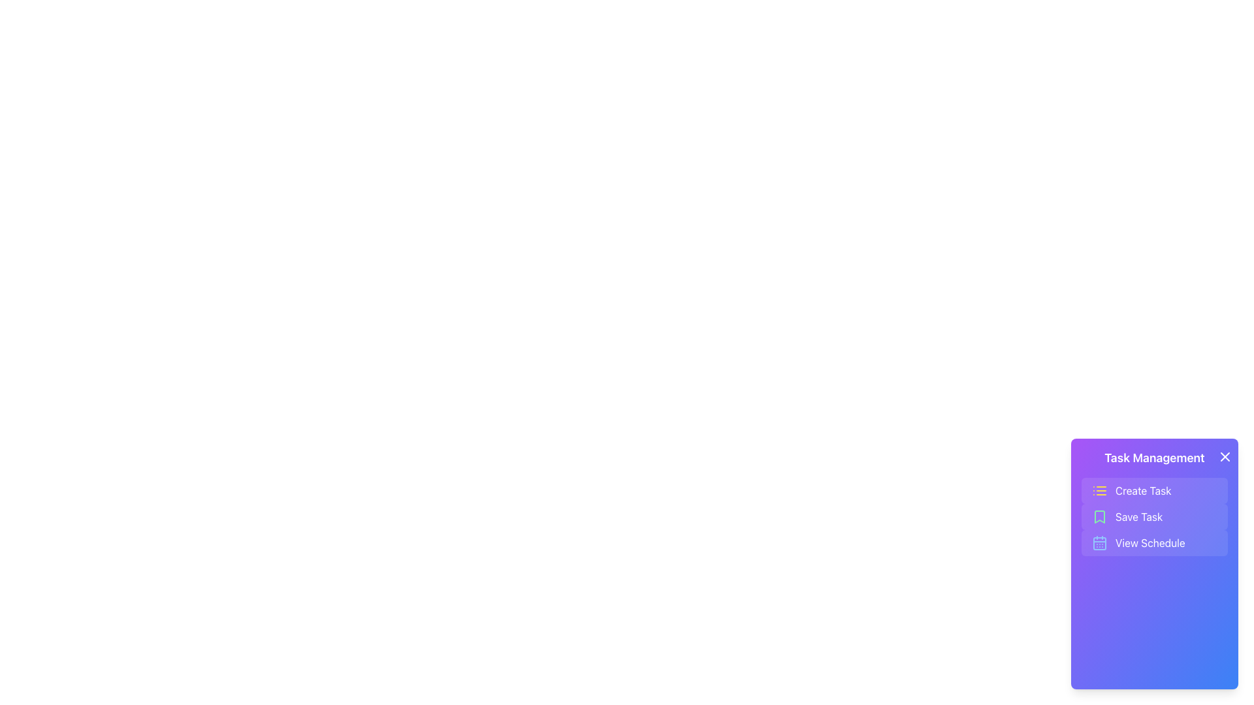 The height and width of the screenshot is (705, 1254). Describe the element at coordinates (1138, 516) in the screenshot. I see `the 'Save Task' button, which displays bold text and is part of a button component with a bookmark icon, located in the 'Task Management' panel` at that location.